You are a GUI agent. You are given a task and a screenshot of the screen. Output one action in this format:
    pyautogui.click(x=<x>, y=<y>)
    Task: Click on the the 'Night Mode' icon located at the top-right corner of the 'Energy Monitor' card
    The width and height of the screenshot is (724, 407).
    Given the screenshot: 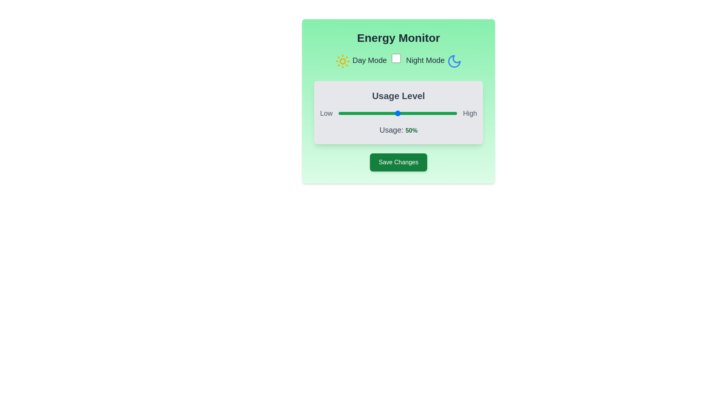 What is the action you would take?
    pyautogui.click(x=454, y=61)
    